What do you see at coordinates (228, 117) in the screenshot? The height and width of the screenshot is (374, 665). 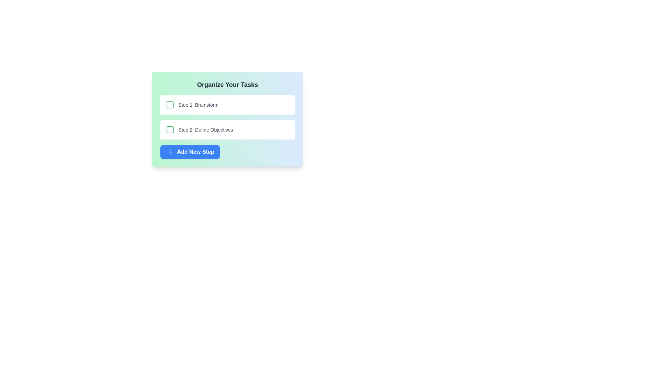 I see `the Task list item with checkbox and label containing 'Step 2: Define Objectives'` at bounding box center [228, 117].